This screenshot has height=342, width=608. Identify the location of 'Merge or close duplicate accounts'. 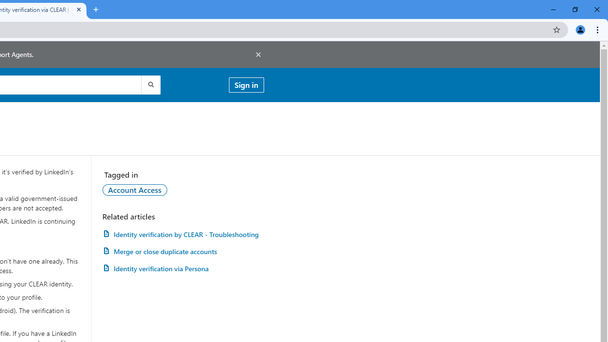
(183, 251).